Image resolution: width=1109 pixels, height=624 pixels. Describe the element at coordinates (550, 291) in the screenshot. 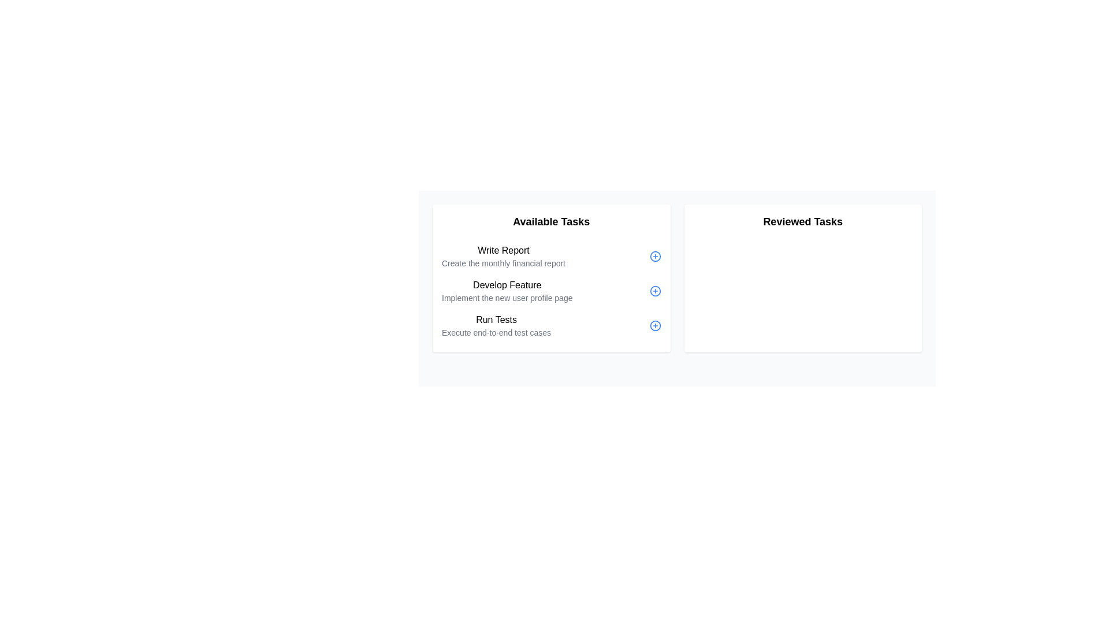

I see `the text part of the second task item in the 'Available Tasks' column` at that location.